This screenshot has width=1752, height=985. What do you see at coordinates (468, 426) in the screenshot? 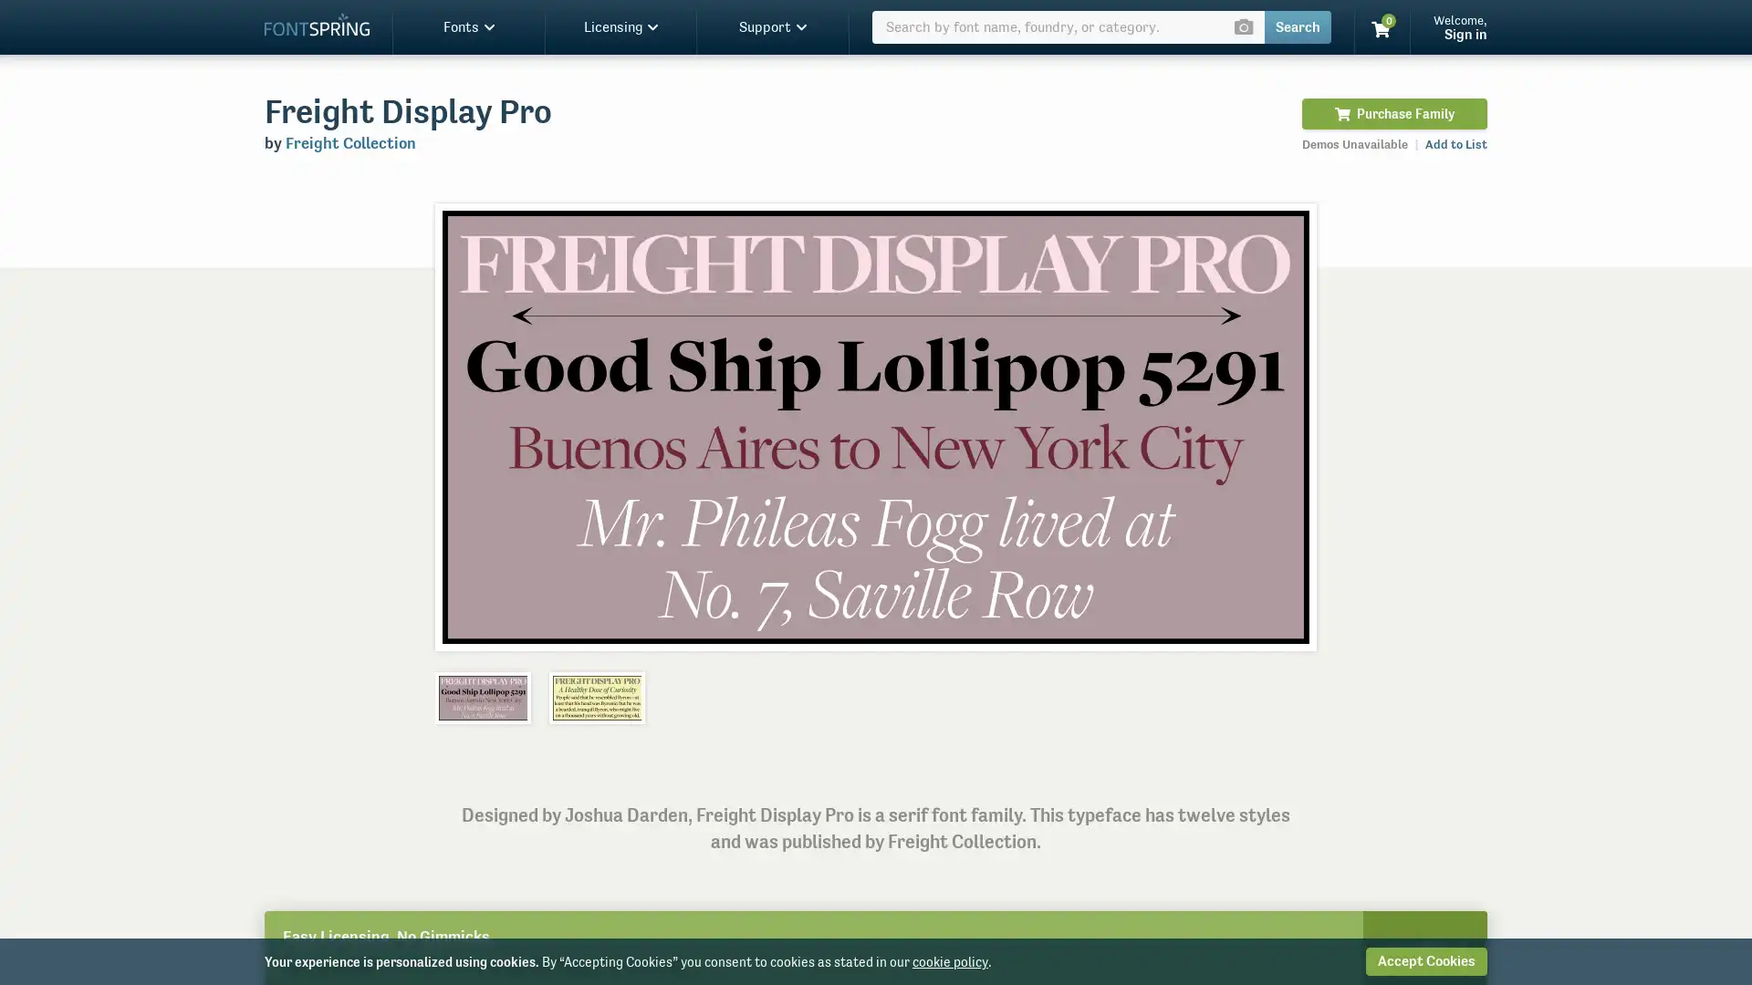
I see `Previous slide` at bounding box center [468, 426].